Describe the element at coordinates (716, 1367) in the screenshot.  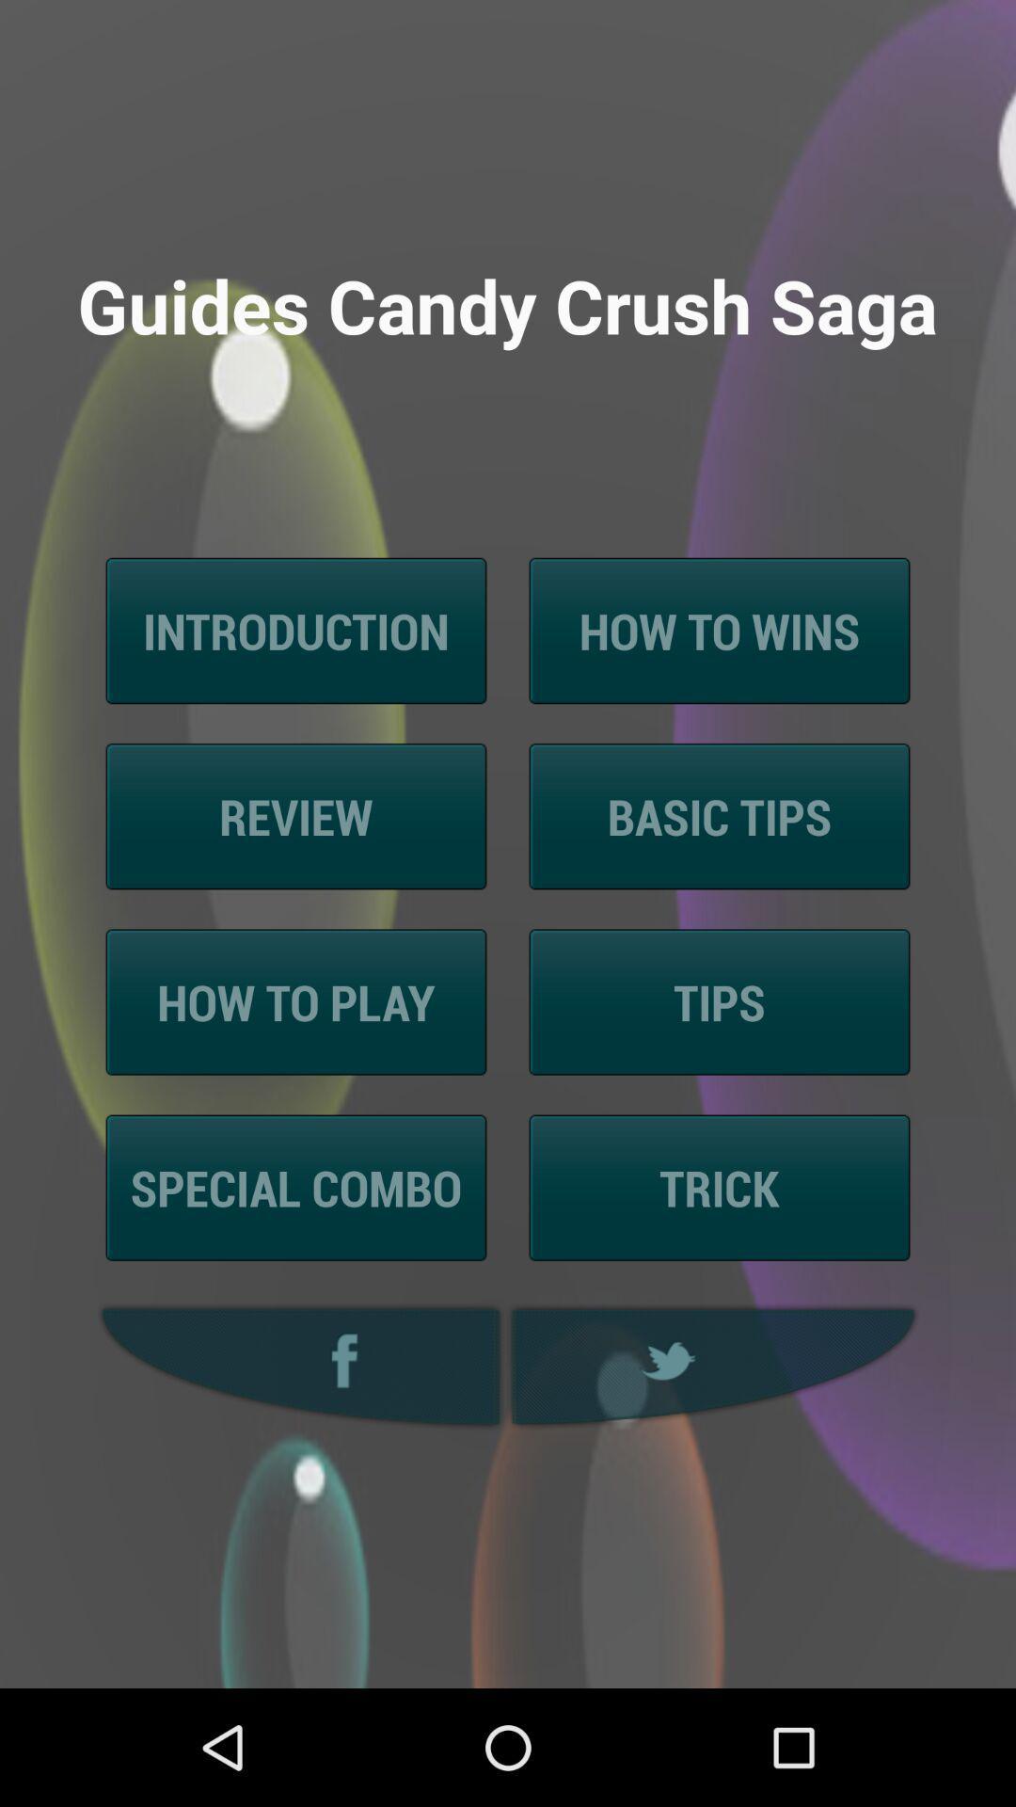
I see `twitter option` at that location.